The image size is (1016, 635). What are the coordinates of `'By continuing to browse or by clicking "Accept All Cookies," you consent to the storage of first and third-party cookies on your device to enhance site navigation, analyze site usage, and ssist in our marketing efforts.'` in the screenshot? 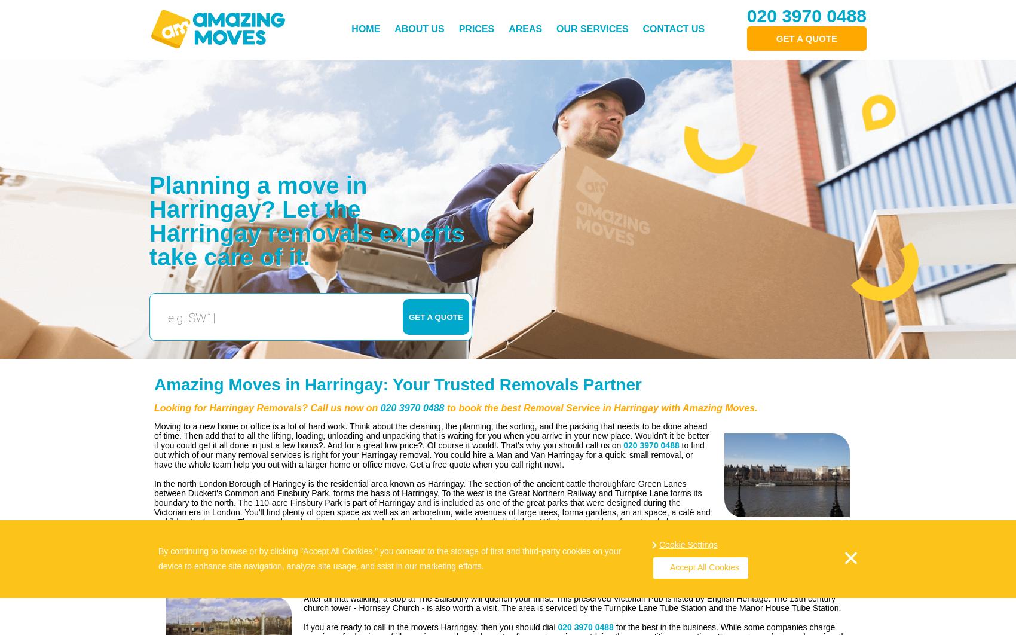 It's located at (389, 558).